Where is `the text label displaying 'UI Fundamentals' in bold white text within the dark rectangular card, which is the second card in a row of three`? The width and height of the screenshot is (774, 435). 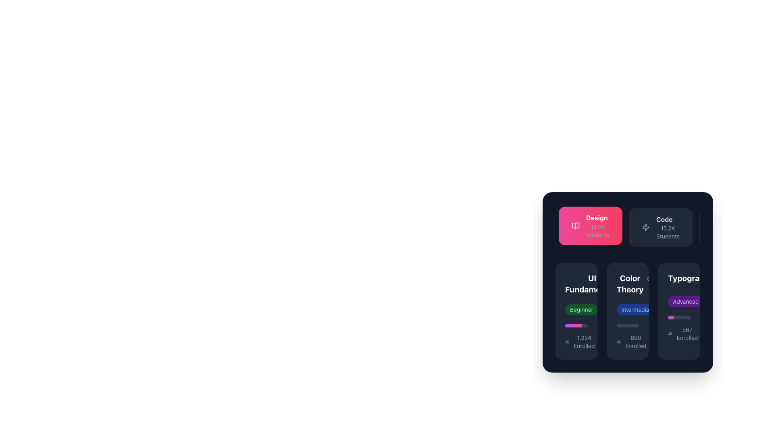 the text label displaying 'UI Fundamentals' in bold white text within the dark rectangular card, which is the second card in a row of three is located at coordinates (576, 284).